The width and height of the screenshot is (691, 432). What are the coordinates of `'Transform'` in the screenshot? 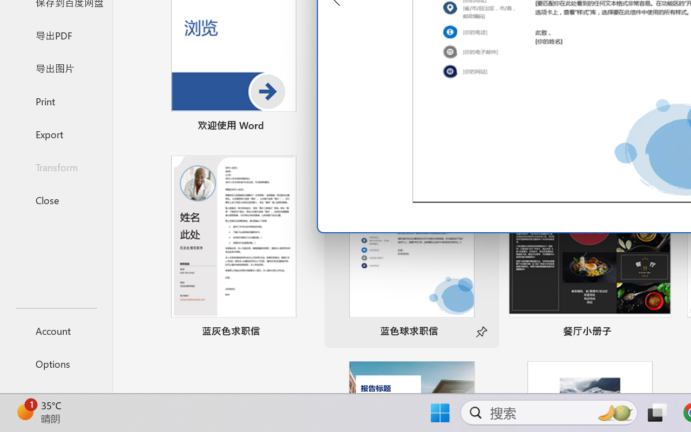 It's located at (56, 166).